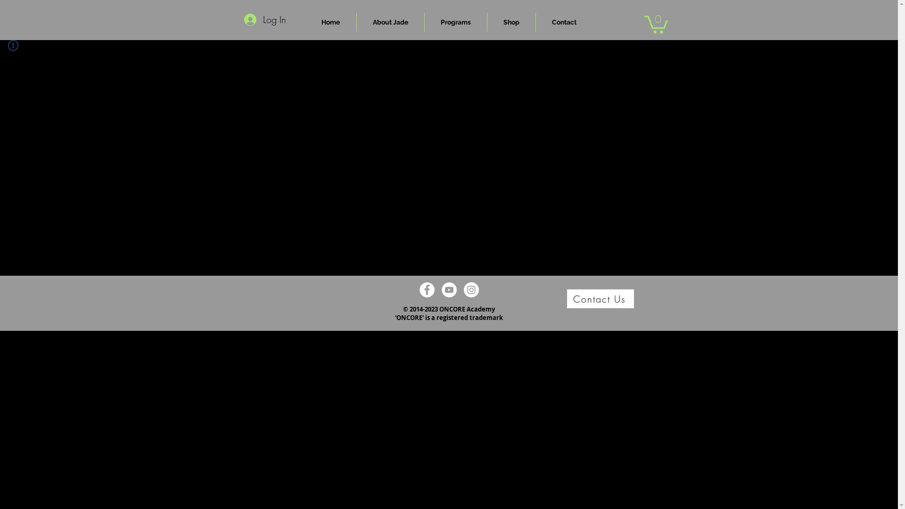 This screenshot has width=905, height=509. Describe the element at coordinates (599, 298) in the screenshot. I see `'Contact Us'` at that location.